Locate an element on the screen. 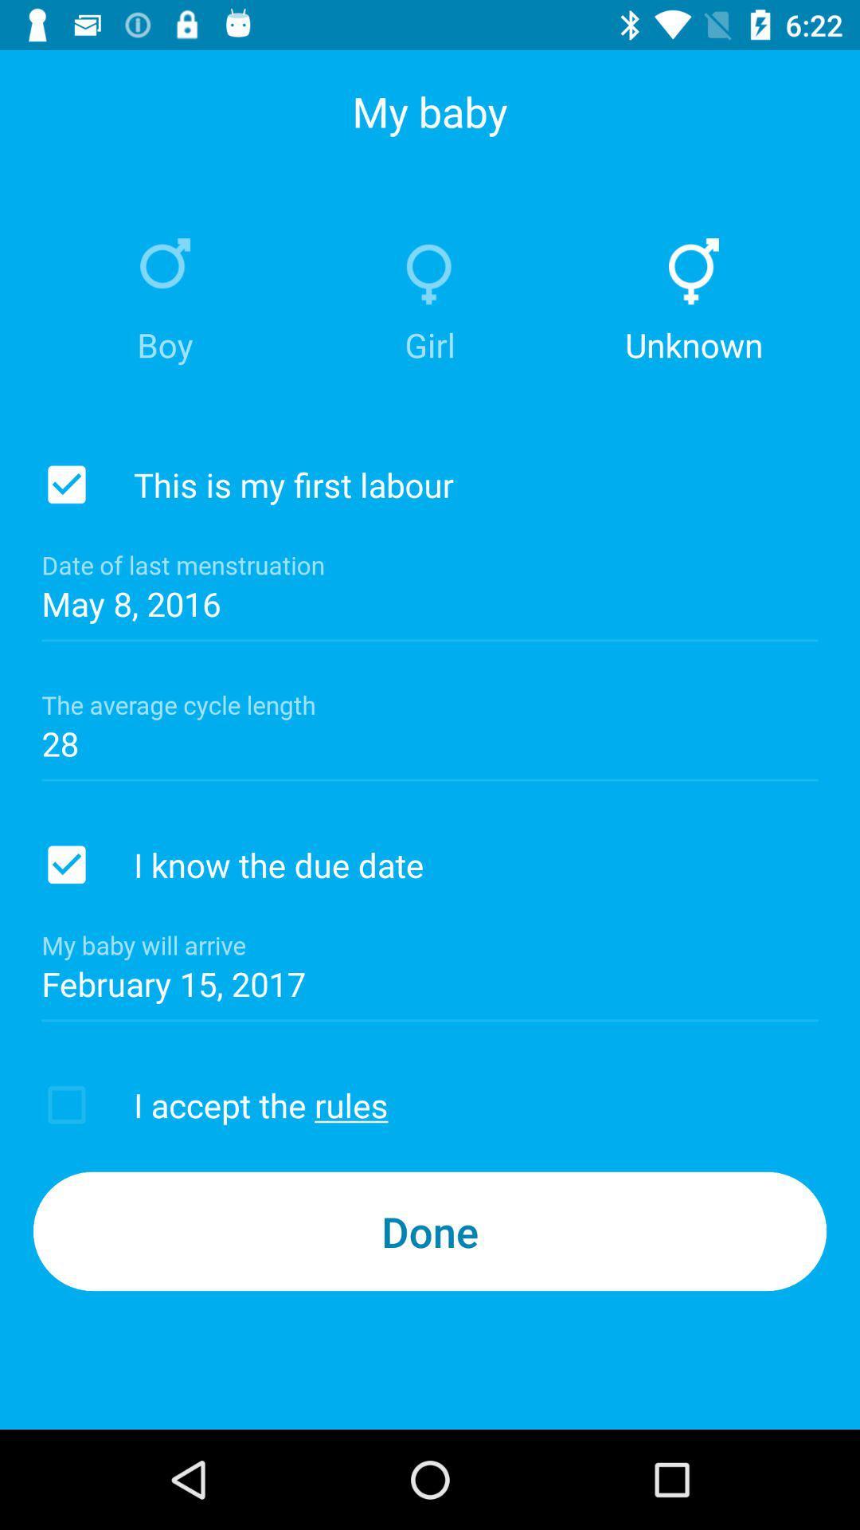  check this is my first labour is located at coordinates (66, 484).